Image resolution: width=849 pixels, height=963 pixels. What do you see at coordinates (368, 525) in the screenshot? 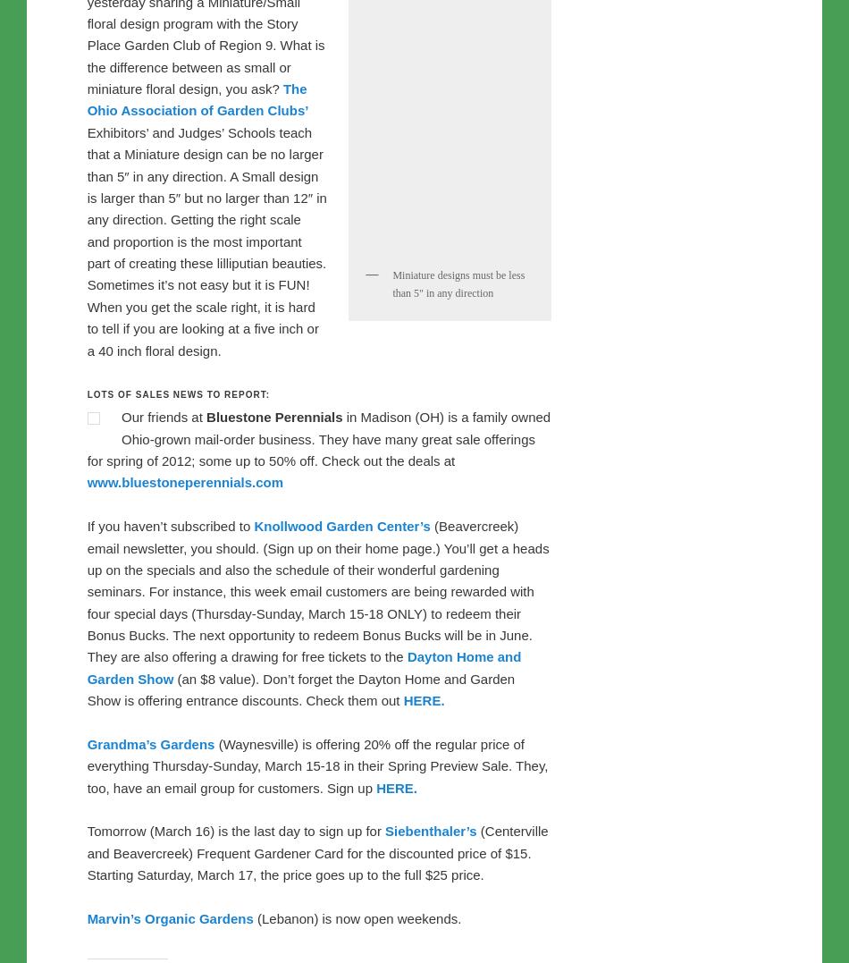
I see `'www.bluestoneperennials.com'` at bounding box center [368, 525].